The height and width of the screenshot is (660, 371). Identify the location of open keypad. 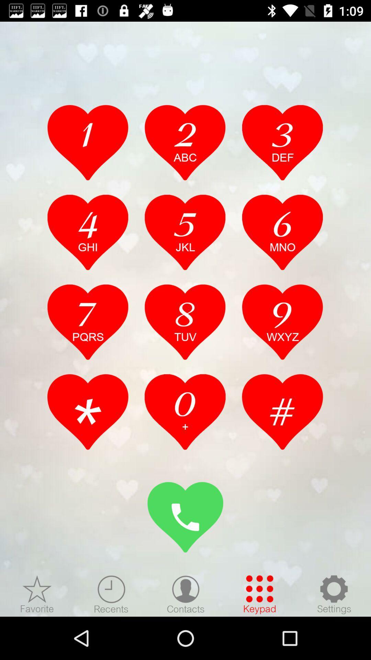
(260, 594).